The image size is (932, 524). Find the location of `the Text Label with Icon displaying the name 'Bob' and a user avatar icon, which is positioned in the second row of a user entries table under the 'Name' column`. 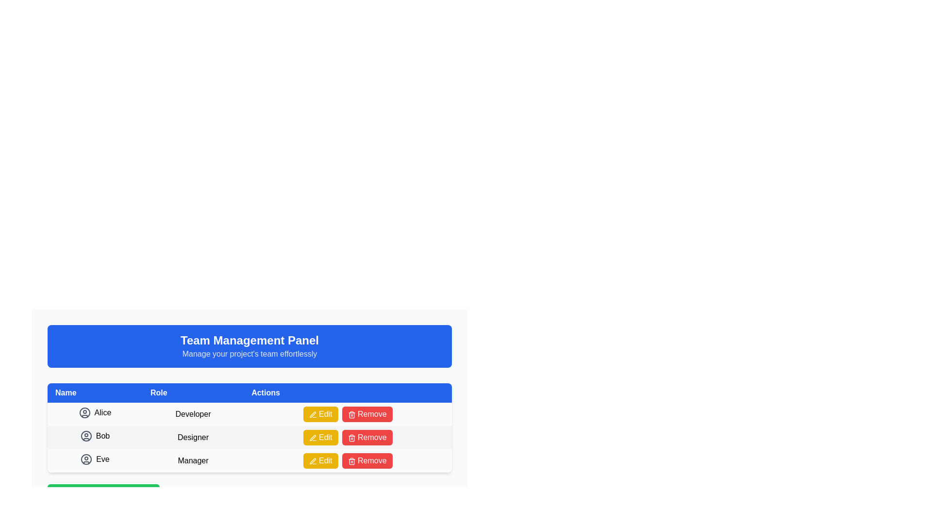

the Text Label with Icon displaying the name 'Bob' and a user avatar icon, which is positioned in the second row of a user entries table under the 'Name' column is located at coordinates (95, 438).